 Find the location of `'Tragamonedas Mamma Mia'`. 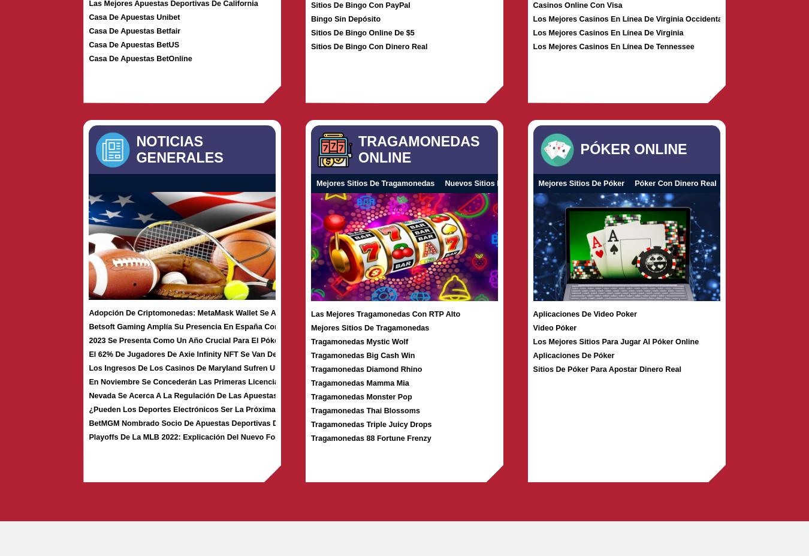

'Tragamonedas Mamma Mia' is located at coordinates (360, 381).